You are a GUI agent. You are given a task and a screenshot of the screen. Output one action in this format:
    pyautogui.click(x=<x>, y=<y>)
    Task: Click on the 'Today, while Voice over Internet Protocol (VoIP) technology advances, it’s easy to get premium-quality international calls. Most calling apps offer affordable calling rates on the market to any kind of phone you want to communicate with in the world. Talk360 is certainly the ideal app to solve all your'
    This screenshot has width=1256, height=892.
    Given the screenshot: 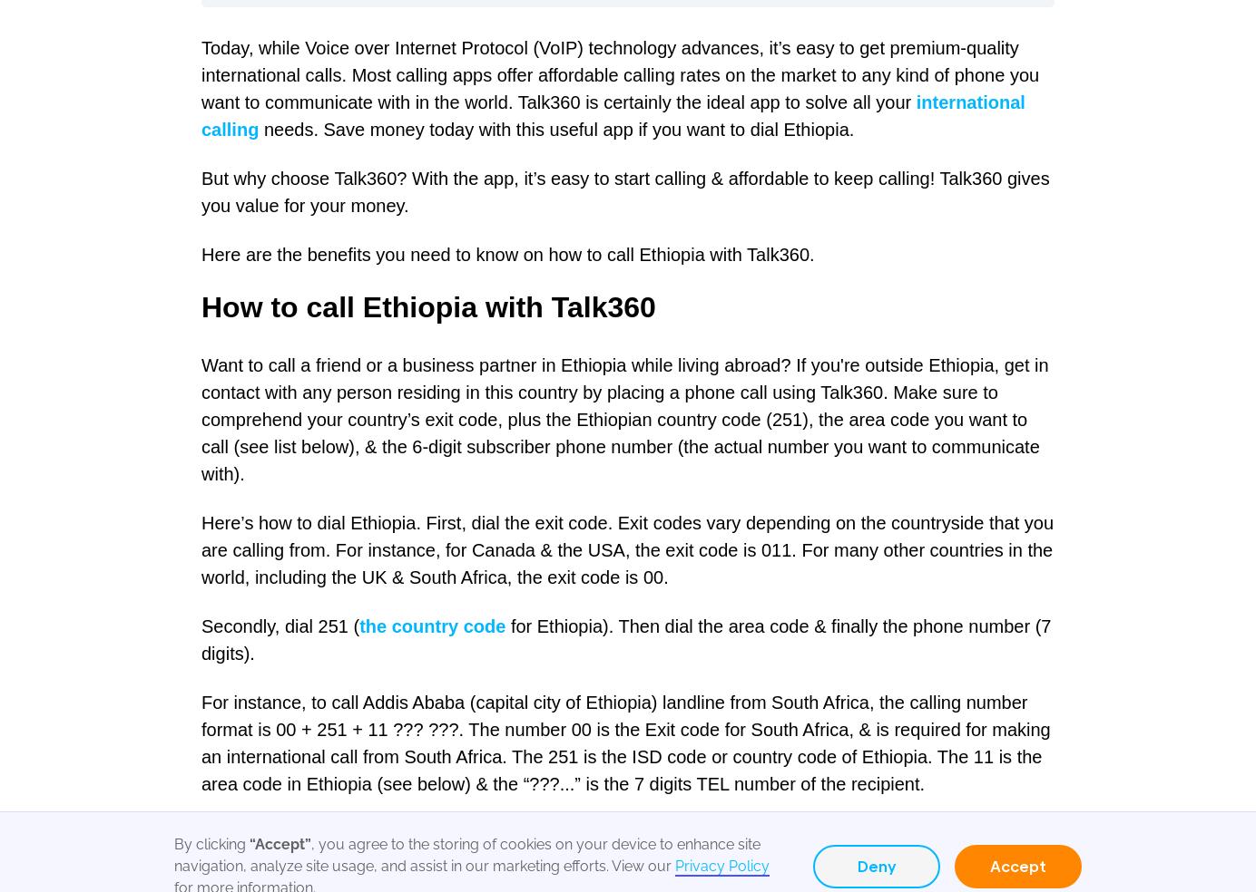 What is the action you would take?
    pyautogui.click(x=201, y=73)
    